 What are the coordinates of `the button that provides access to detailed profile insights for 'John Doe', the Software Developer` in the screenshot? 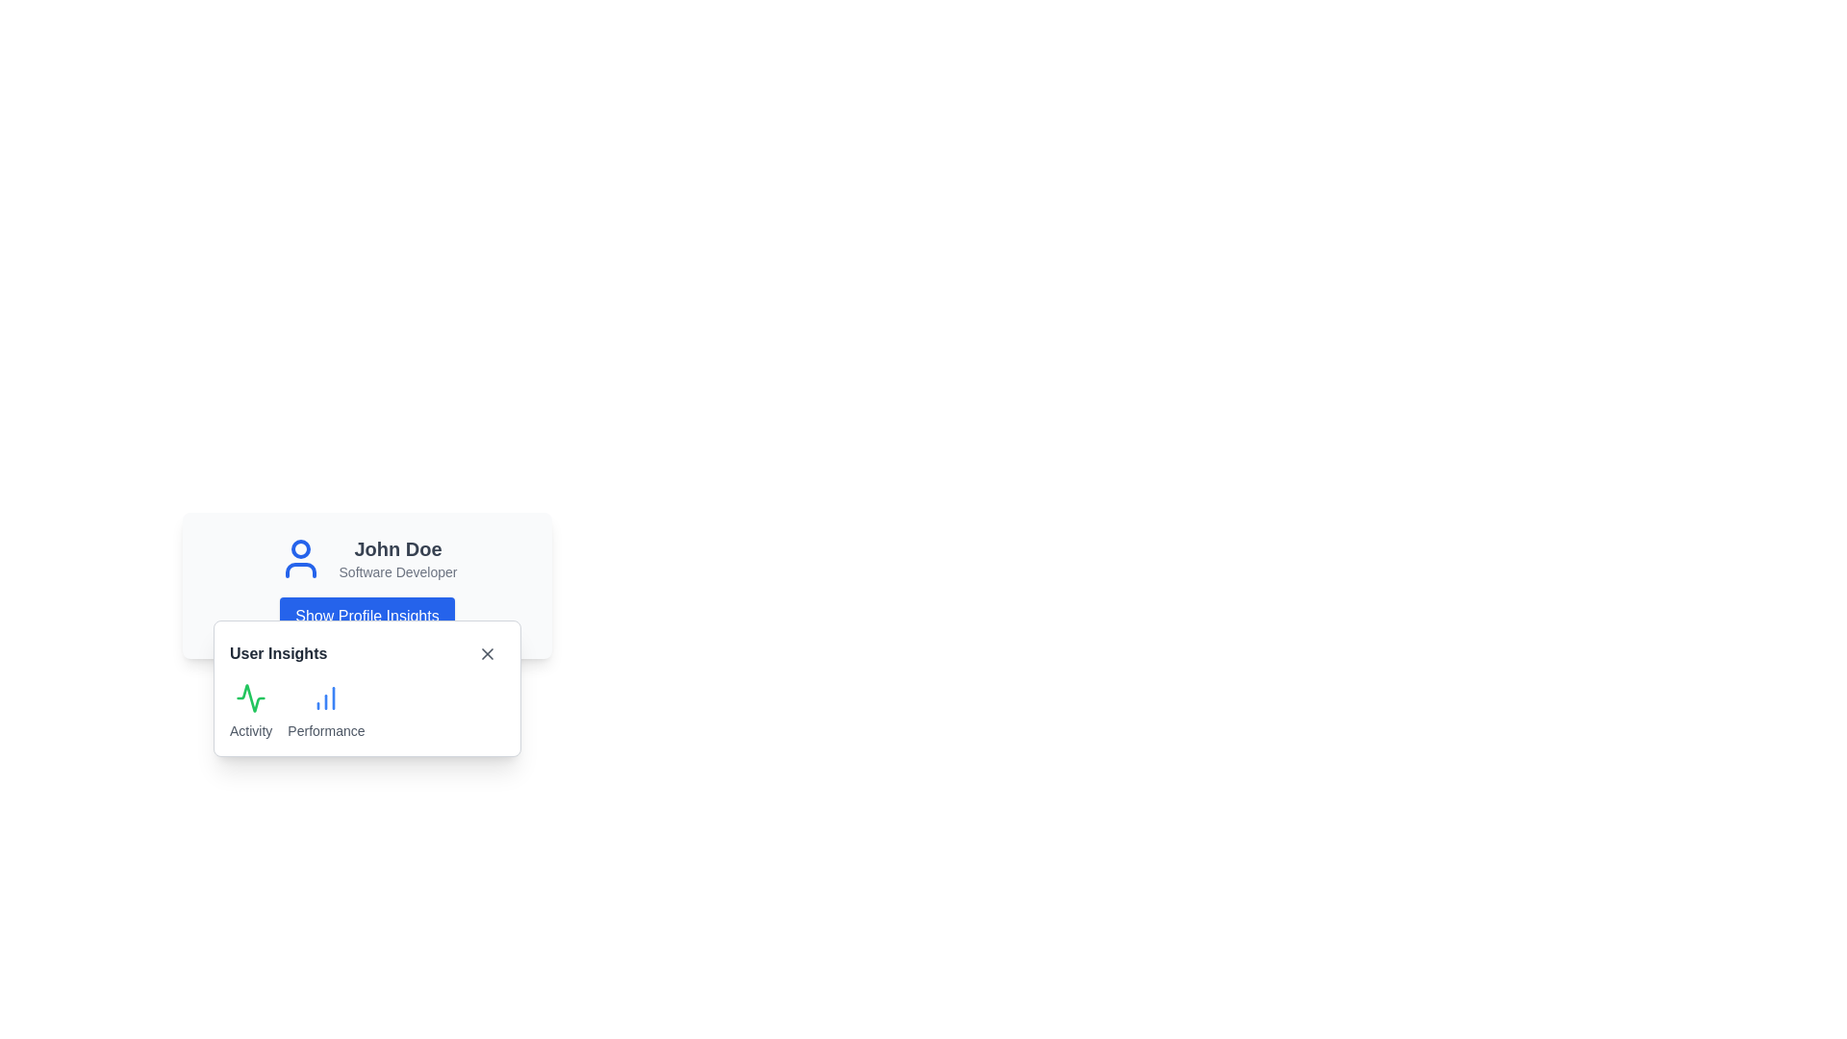 It's located at (367, 616).